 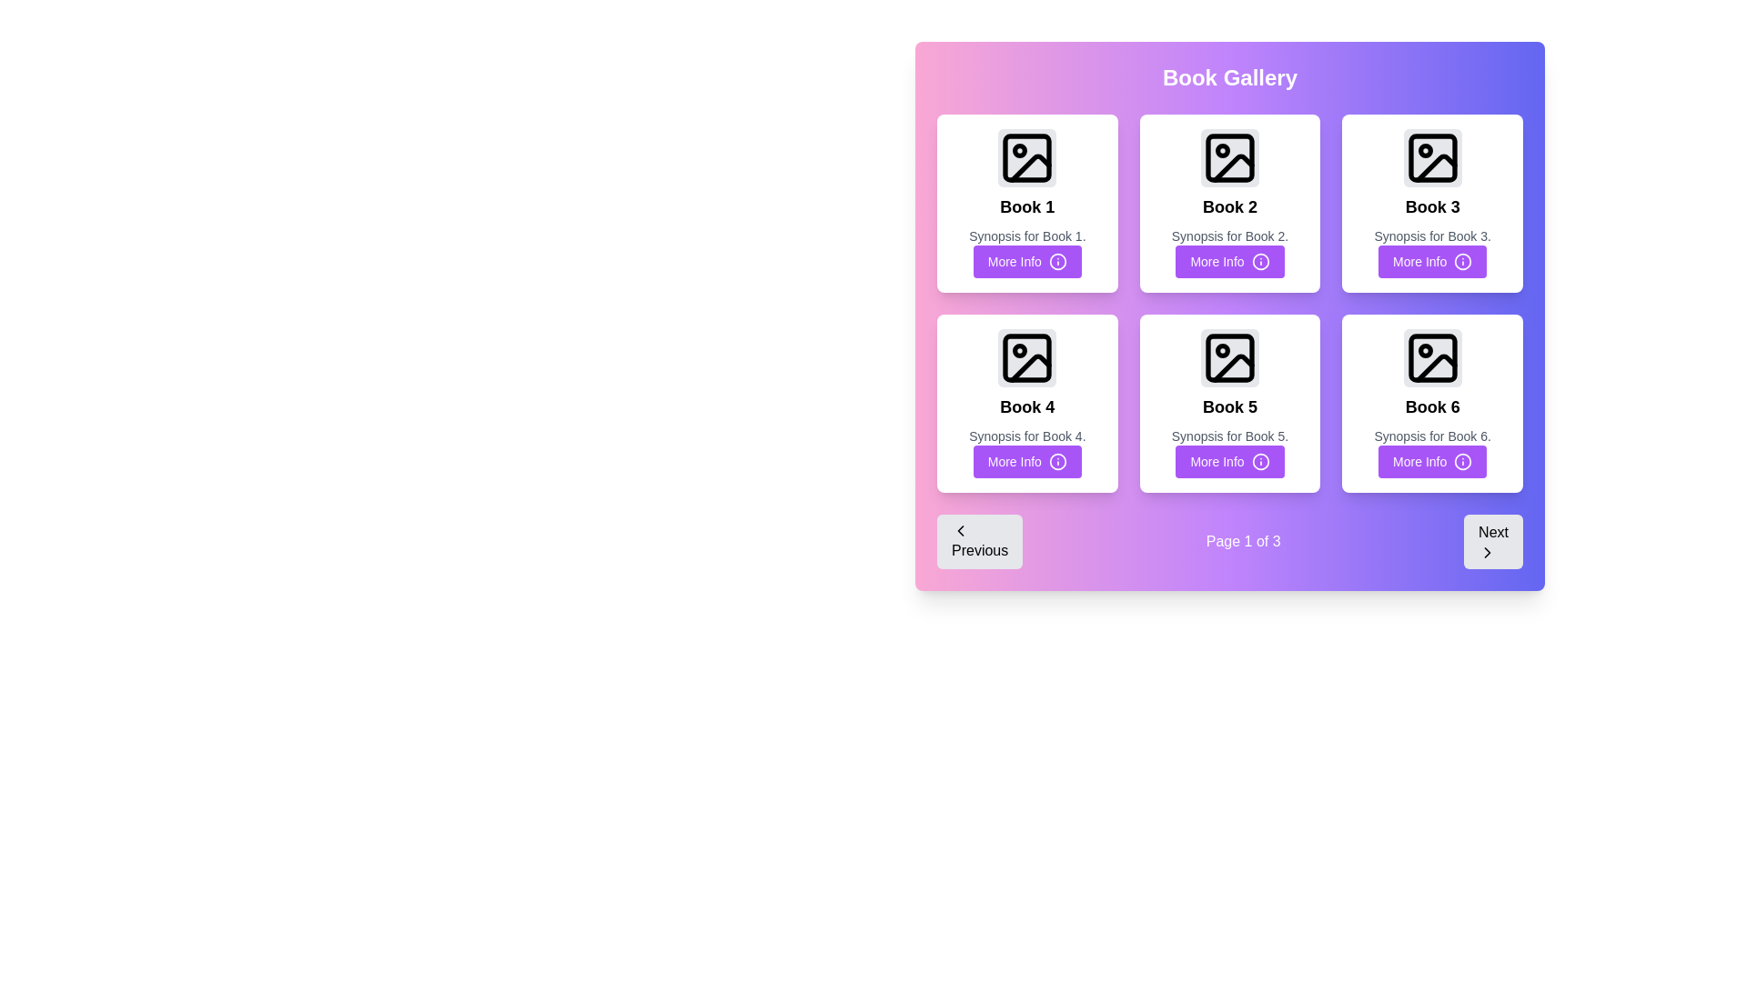 I want to click on the Decorative graphic part of the circular icon within the 'More Info' button of the 'Book 5' card in the 'Book Gallery' section, so click(x=1057, y=262).